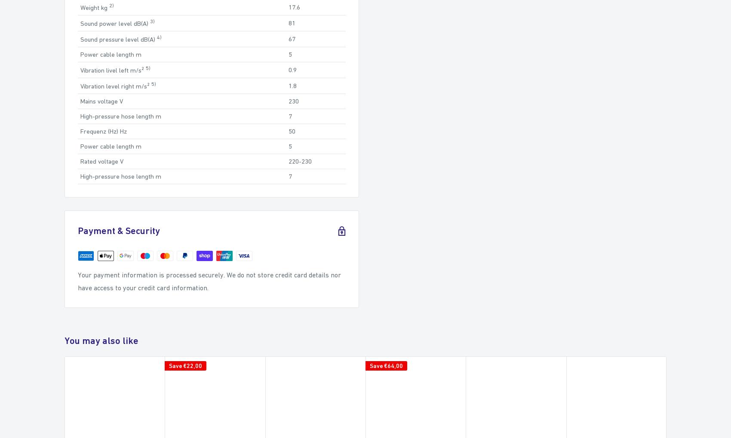 Image resolution: width=731 pixels, height=438 pixels. I want to click on 'Weight kg', so click(95, 6).